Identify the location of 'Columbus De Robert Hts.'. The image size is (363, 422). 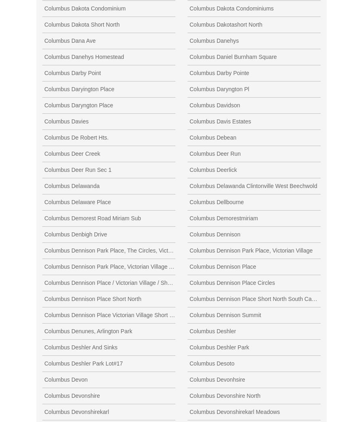
(76, 136).